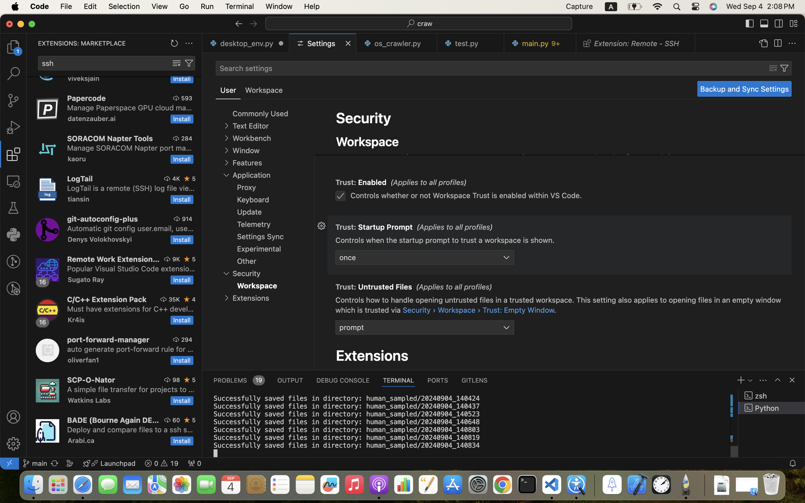 This screenshot has width=805, height=503. Describe the element at coordinates (92, 118) in the screenshot. I see `'datenzauber.ai'` at that location.